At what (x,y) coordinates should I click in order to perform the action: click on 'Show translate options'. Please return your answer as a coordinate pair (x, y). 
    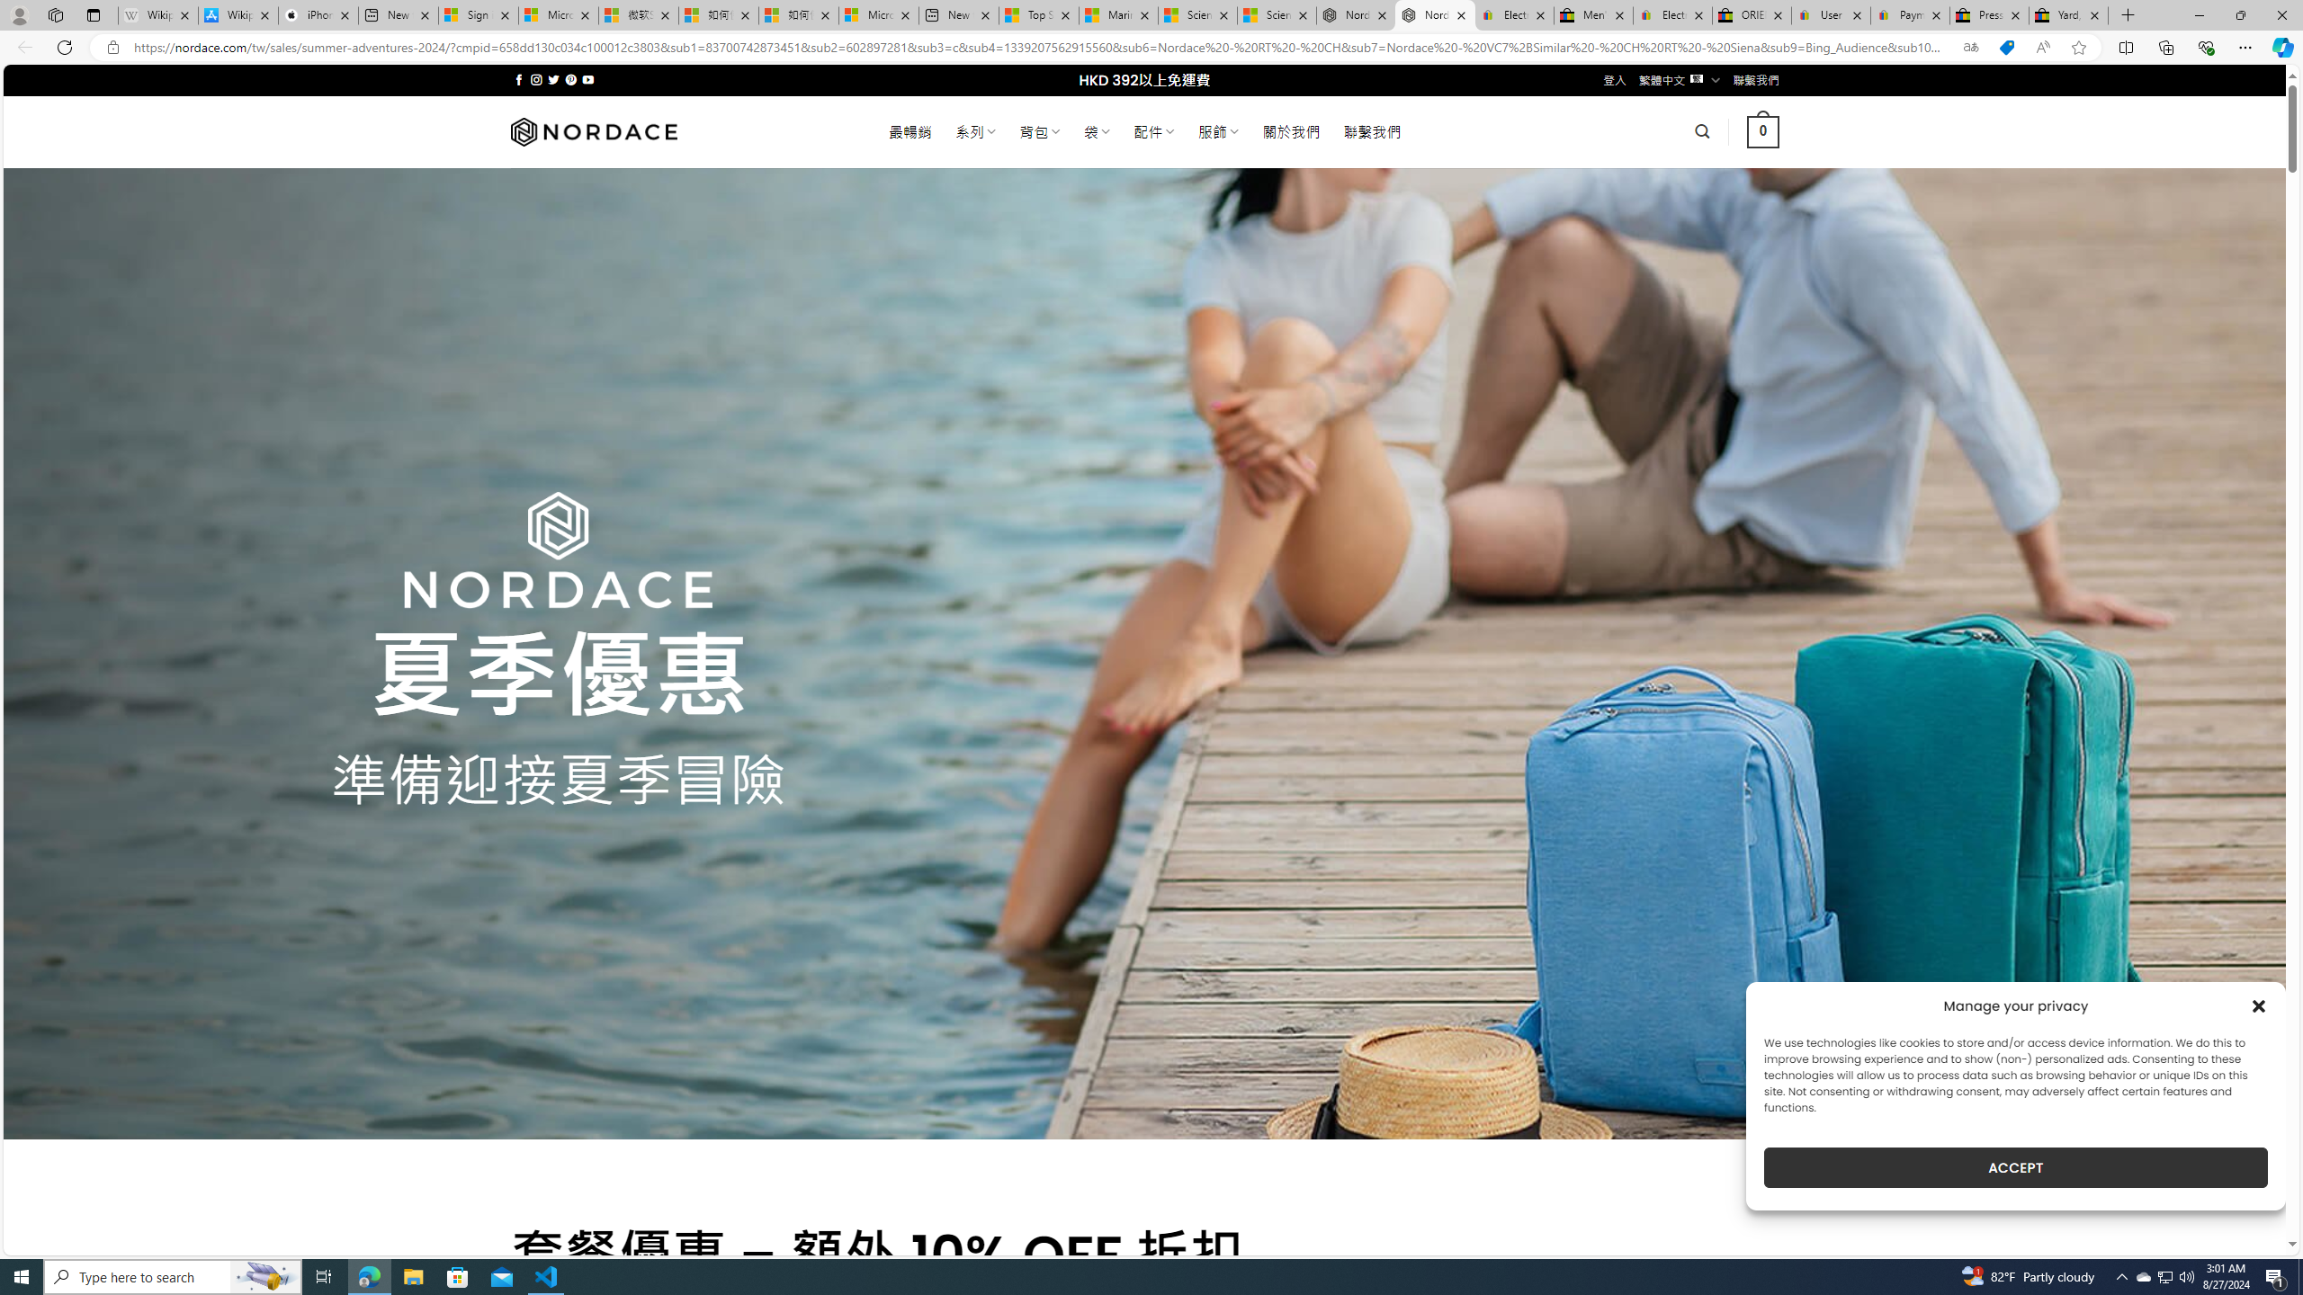
    Looking at the image, I should click on (1970, 48).